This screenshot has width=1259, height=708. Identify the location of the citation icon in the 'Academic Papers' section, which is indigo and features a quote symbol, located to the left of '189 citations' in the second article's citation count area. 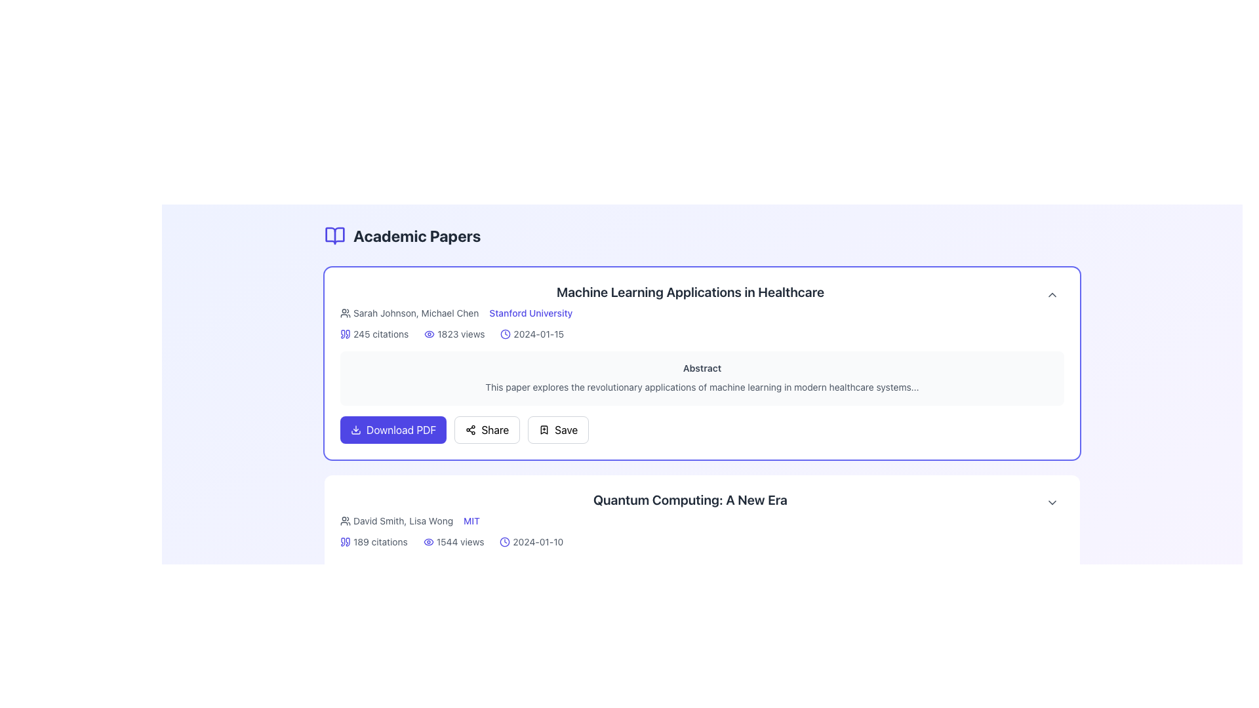
(348, 541).